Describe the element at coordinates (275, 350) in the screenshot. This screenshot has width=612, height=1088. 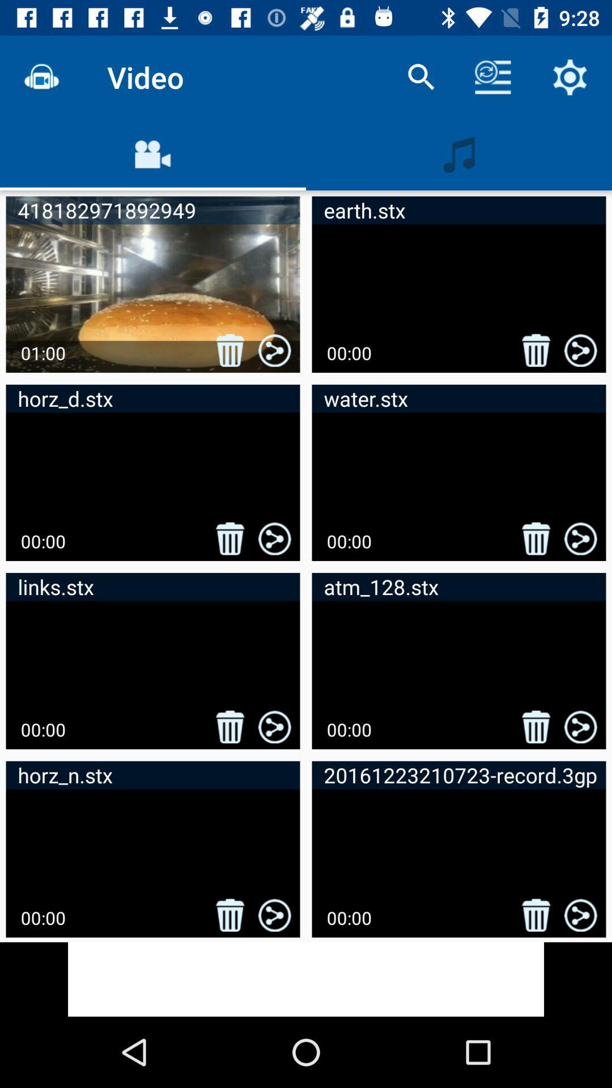
I see `share icon in first video in first row` at that location.